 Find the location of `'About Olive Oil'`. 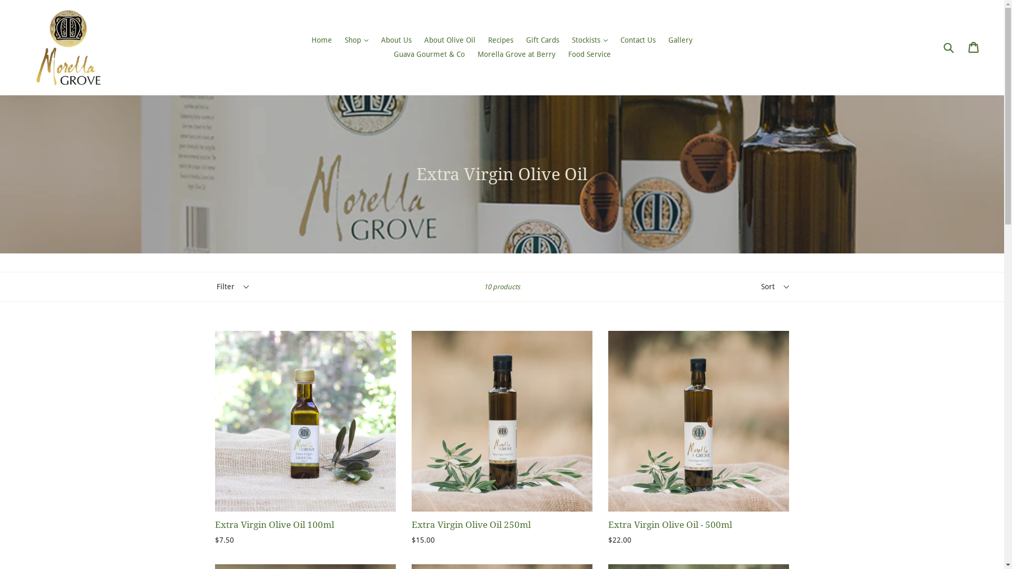

'About Olive Oil' is located at coordinates (450, 40).